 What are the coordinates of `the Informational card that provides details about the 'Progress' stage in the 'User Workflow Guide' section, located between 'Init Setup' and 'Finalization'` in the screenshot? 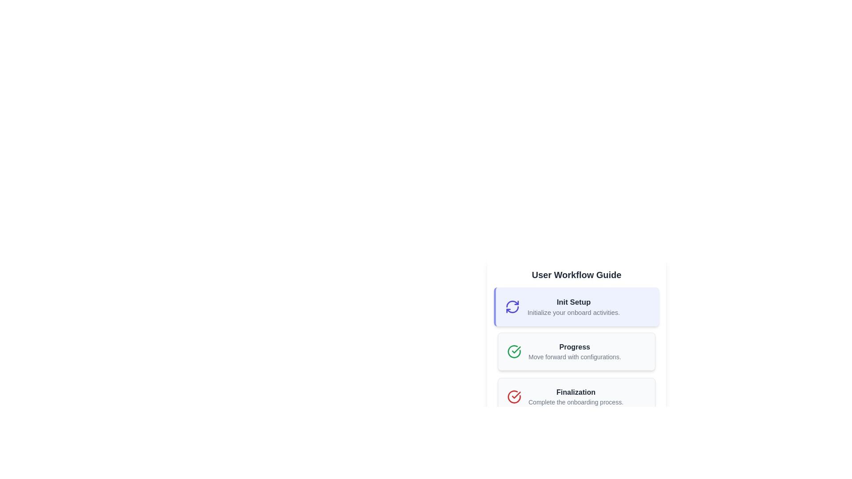 It's located at (576, 351).